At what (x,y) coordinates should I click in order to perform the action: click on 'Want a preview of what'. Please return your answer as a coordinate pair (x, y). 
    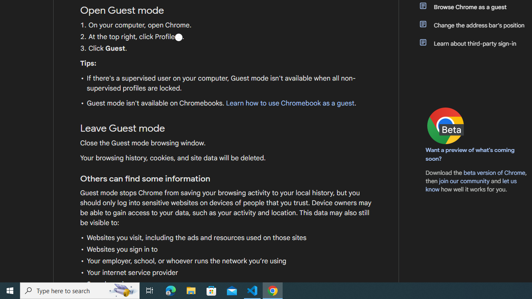
    Looking at the image, I should click on (470, 154).